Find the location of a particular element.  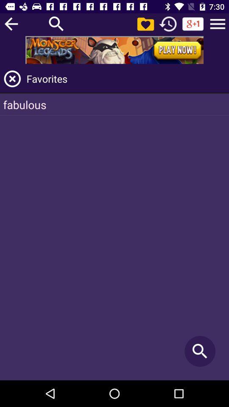

the fabulous is located at coordinates (114, 104).